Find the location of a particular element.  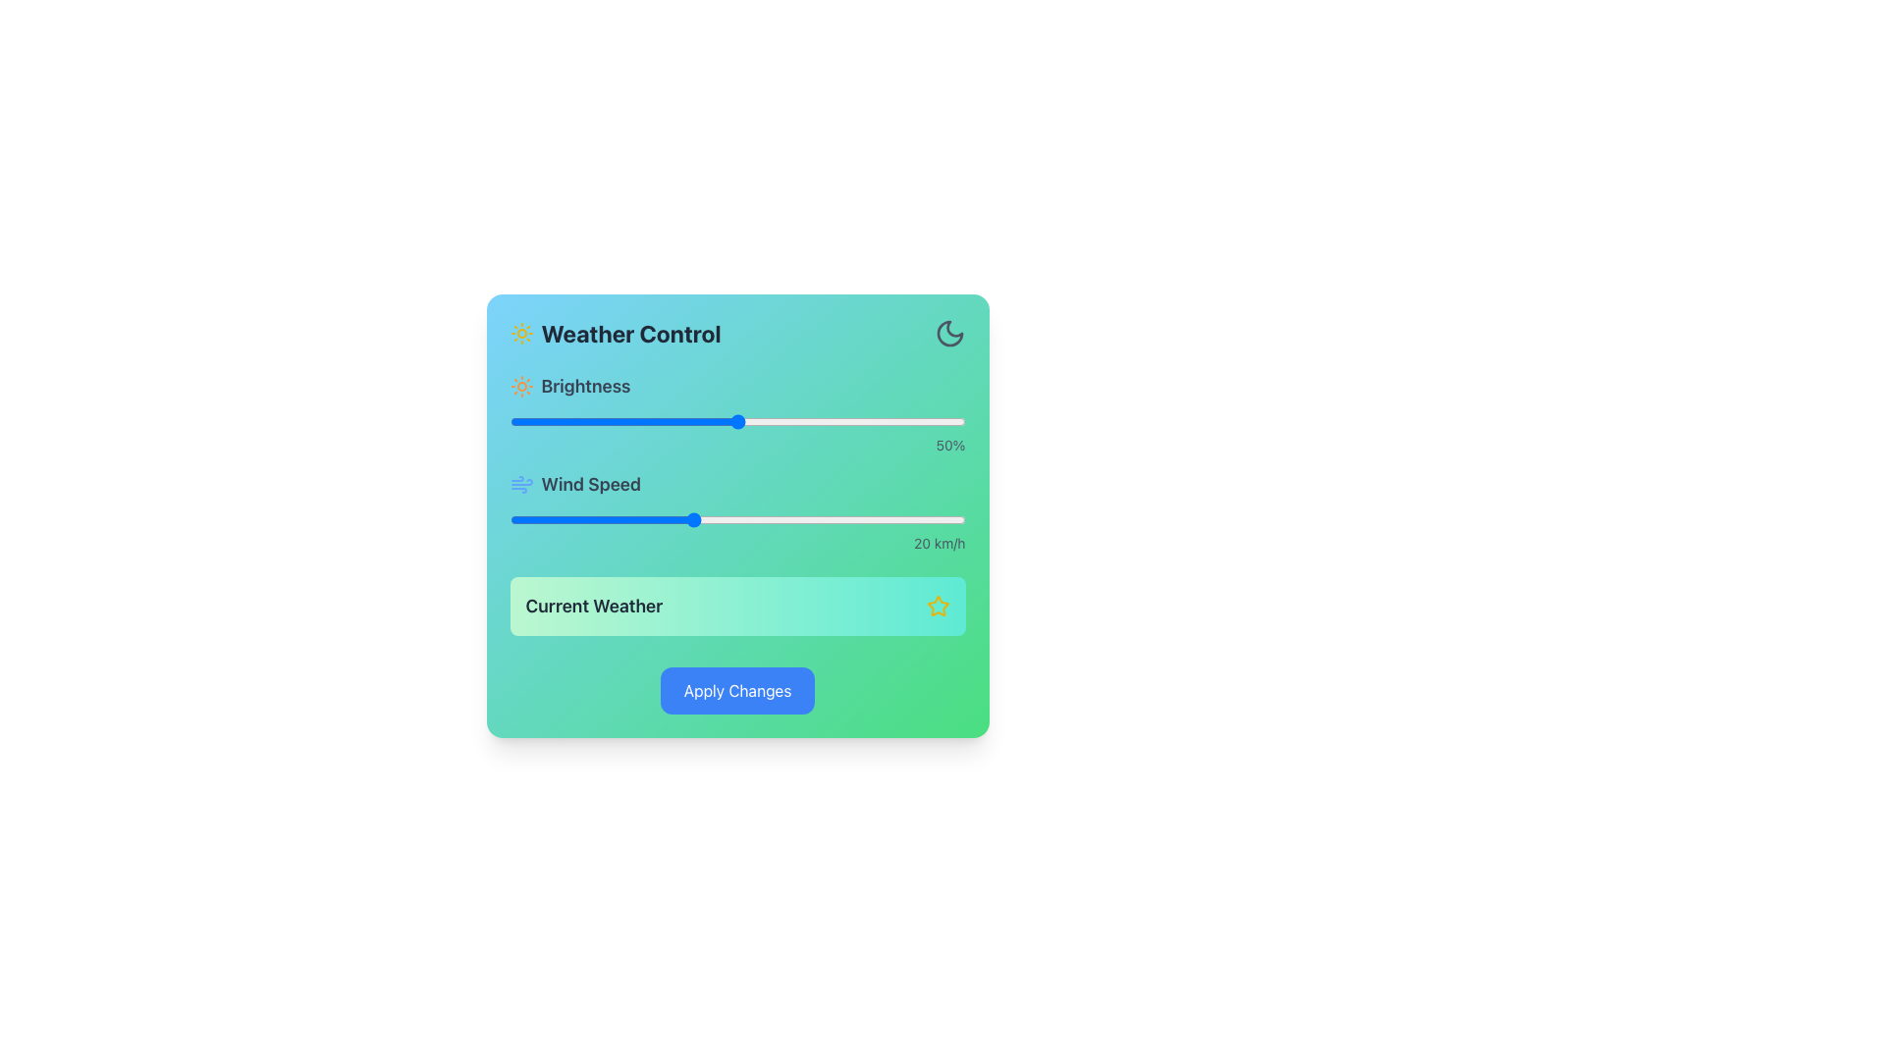

the wind speed is located at coordinates (709, 518).